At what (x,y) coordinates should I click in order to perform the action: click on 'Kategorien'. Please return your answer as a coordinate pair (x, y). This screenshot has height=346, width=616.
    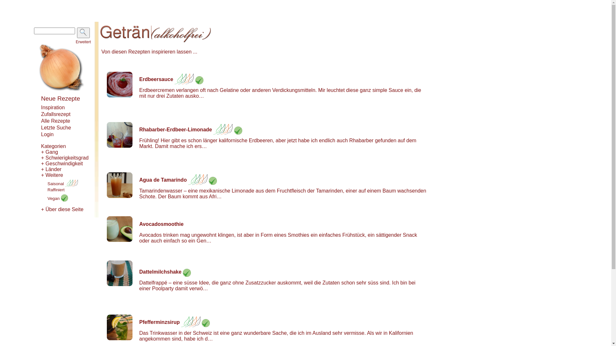
    Looking at the image, I should click on (53, 146).